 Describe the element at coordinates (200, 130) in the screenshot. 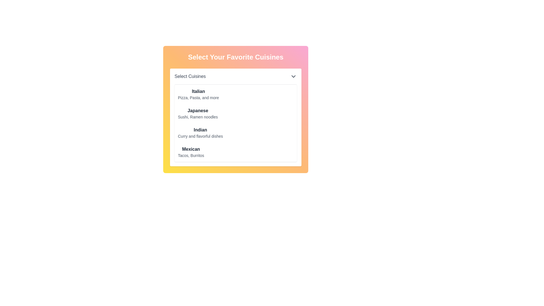

I see `the static text label displaying the title of the specific cuisine, located in the third entry of the vertical list, between 'Japanese' and 'Mexican'` at that location.